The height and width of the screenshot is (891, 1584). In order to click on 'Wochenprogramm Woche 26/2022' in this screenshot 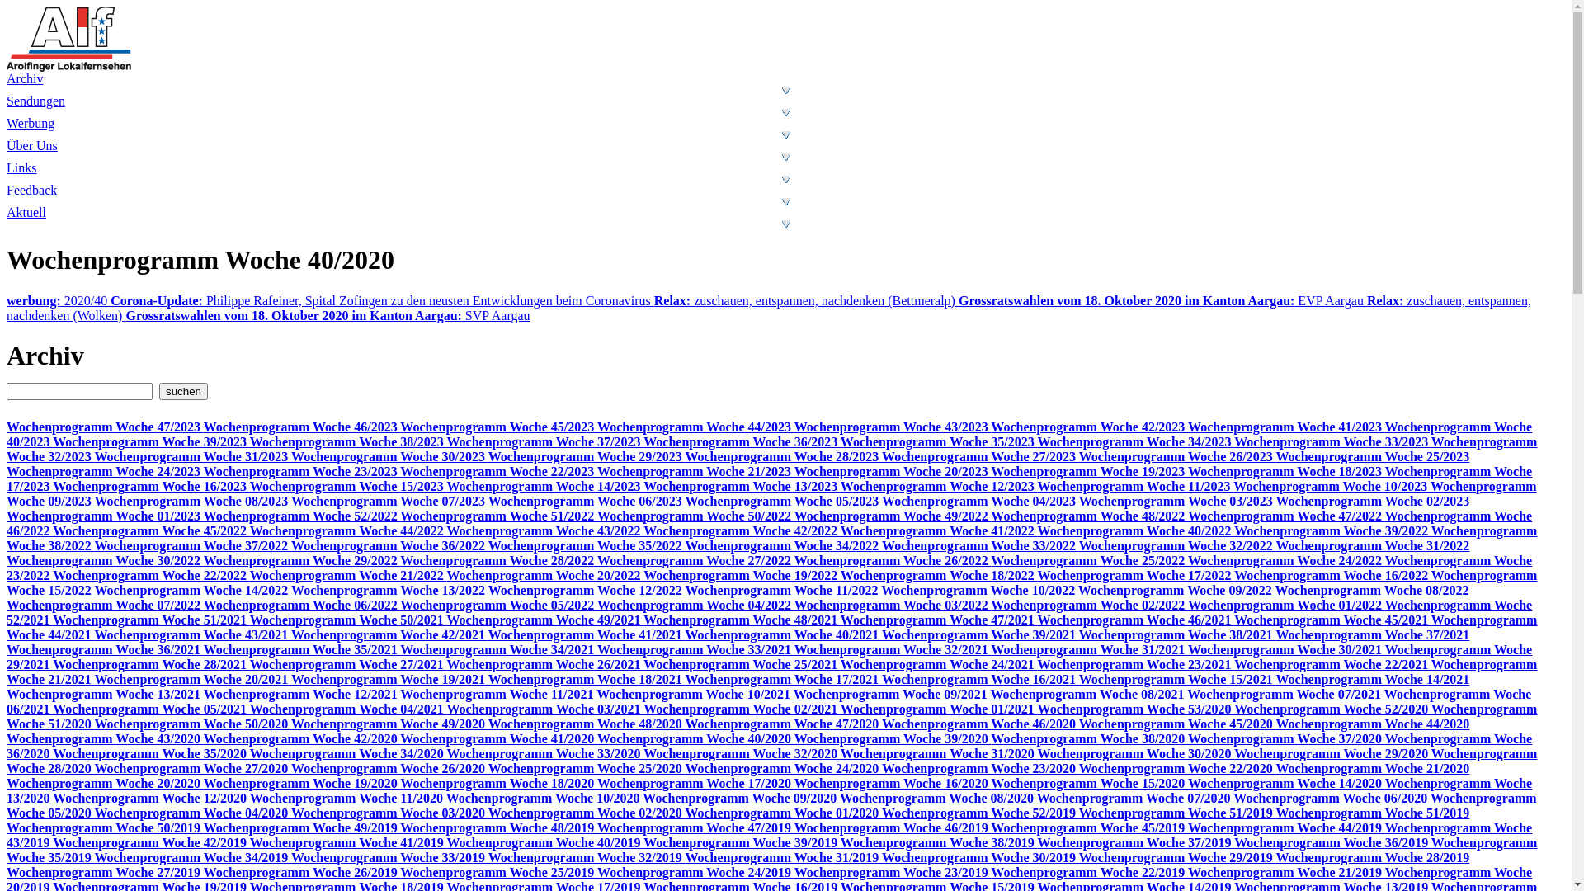, I will do `click(892, 559)`.